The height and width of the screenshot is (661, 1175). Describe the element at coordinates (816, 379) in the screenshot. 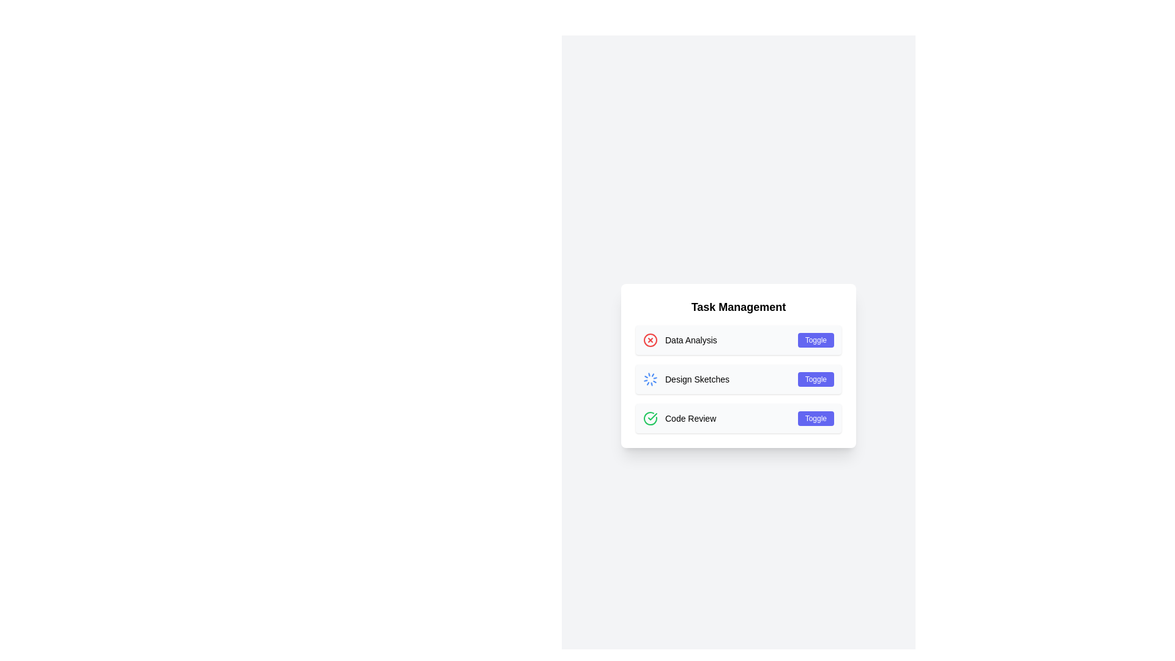

I see `the toggle button located on the right side of the 'Design Sketches' label` at that location.